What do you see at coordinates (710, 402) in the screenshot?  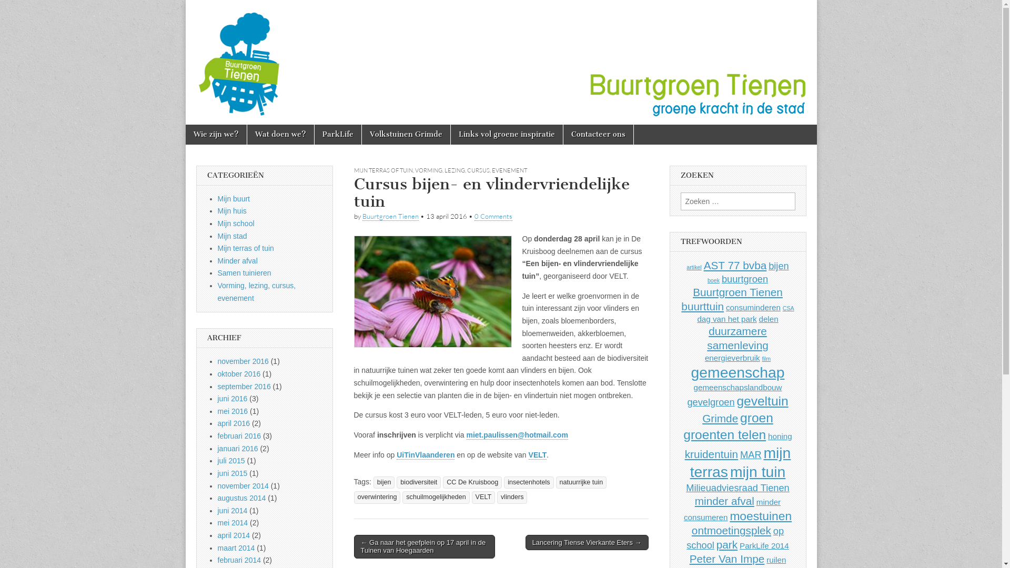 I see `'gevelgroen'` at bounding box center [710, 402].